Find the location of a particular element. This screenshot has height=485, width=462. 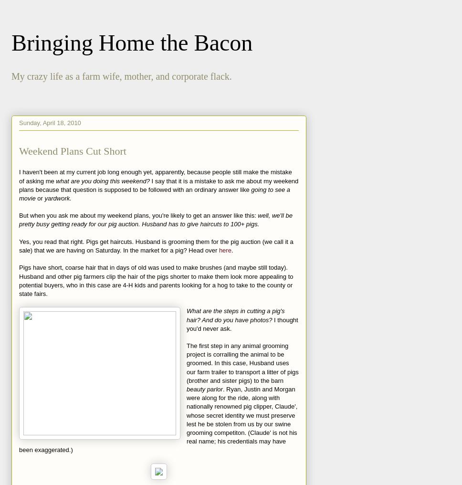

'I say that it is a mistake to ask me about my weekend plans because that question is supposed to be followed with an ordinary answer like' is located at coordinates (158, 184).